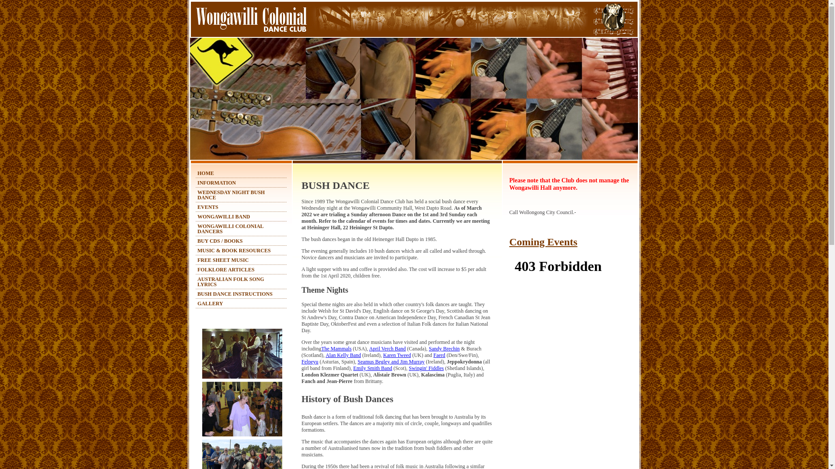 The width and height of the screenshot is (835, 469). Describe the element at coordinates (235, 294) in the screenshot. I see `'BUSH DANCE INSTRUCTIONS'` at that location.